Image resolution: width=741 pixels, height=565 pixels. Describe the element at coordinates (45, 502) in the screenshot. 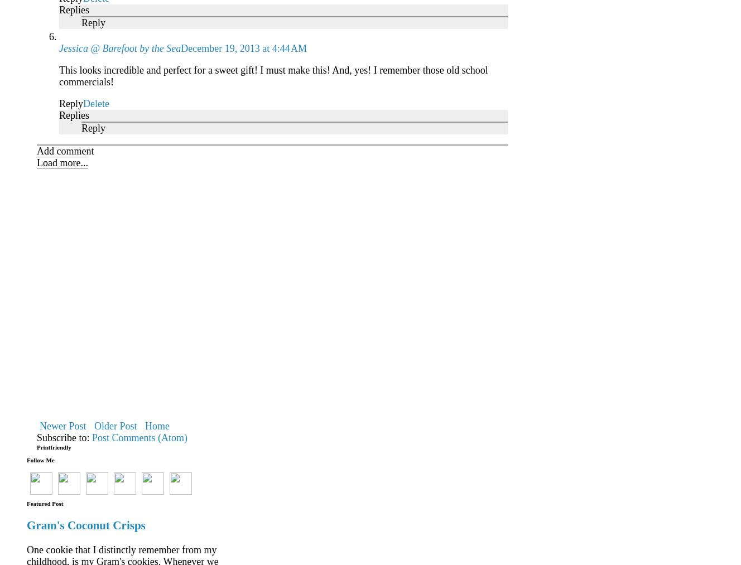

I see `'Featured Post'` at that location.